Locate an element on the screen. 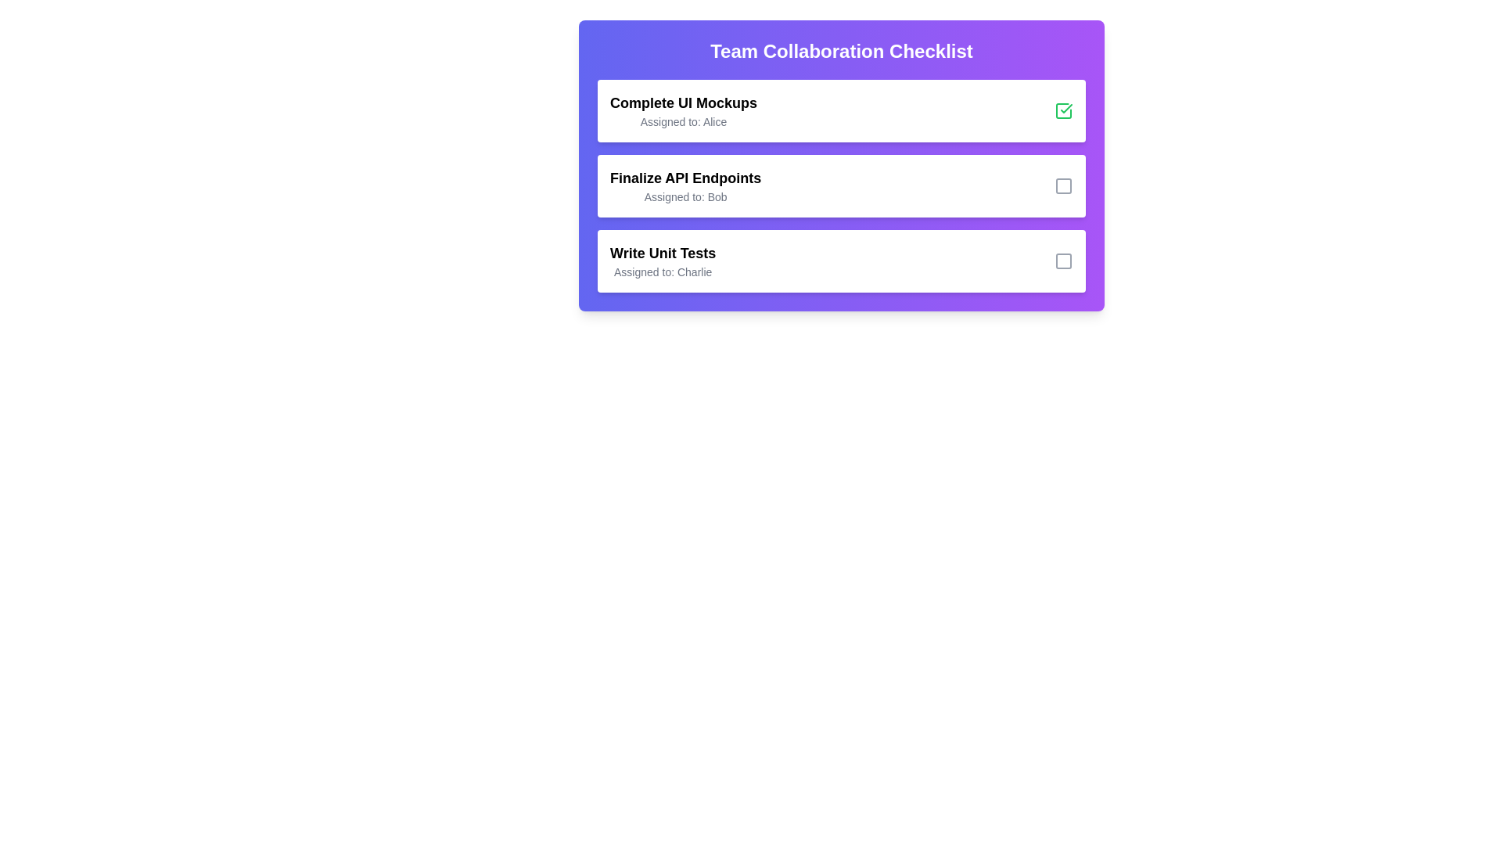 The height and width of the screenshot is (845, 1502). the second task in the to-do list, which is located between 'Complete UI Mockups' and 'Write Unit Tests' is located at coordinates (840, 185).